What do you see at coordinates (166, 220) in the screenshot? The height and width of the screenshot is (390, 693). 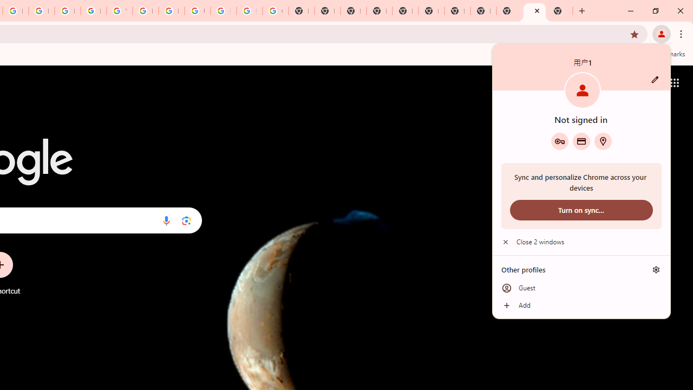 I see `'Search by voice'` at bounding box center [166, 220].